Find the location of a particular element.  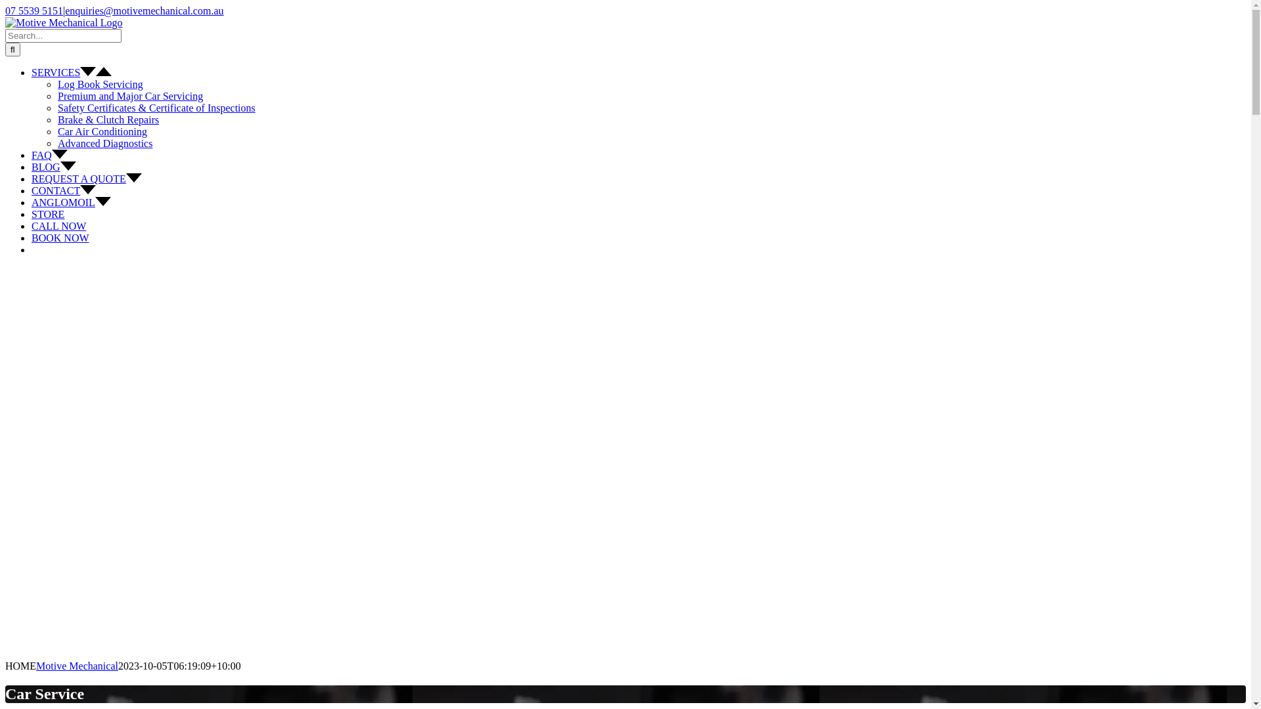

'FAQ' is located at coordinates (49, 154).